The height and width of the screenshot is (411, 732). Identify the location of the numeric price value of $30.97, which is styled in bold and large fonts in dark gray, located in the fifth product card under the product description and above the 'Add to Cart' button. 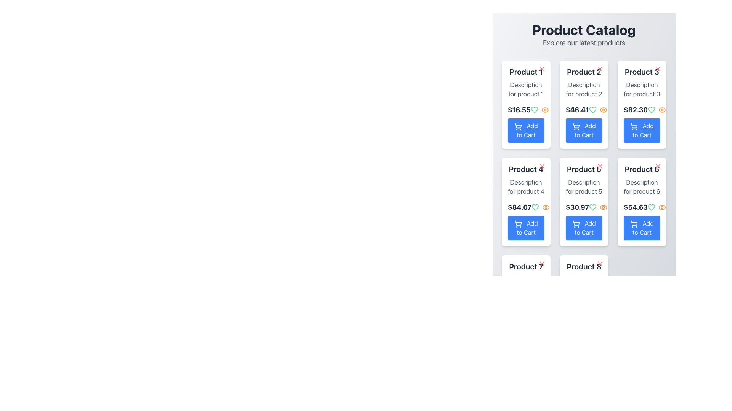
(577, 207).